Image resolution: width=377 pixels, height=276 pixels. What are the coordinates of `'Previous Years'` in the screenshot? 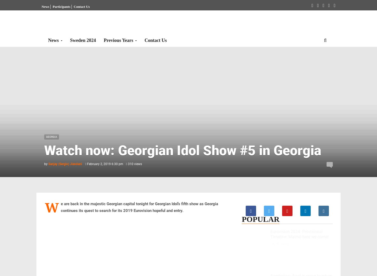 It's located at (103, 40).